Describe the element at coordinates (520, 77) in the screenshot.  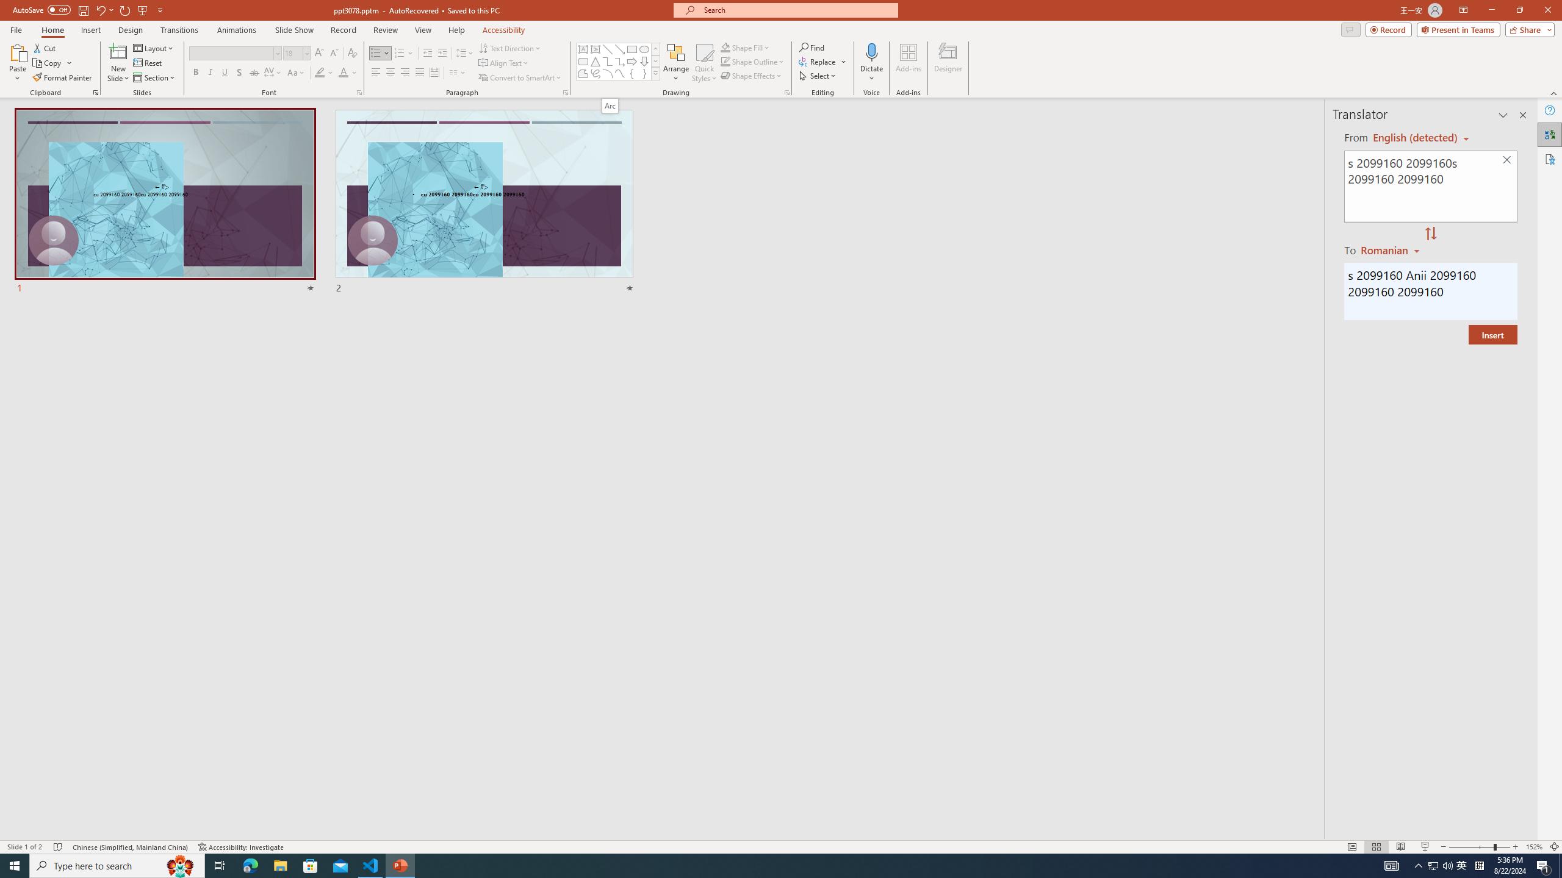
I see `'Convert to SmartArt'` at that location.